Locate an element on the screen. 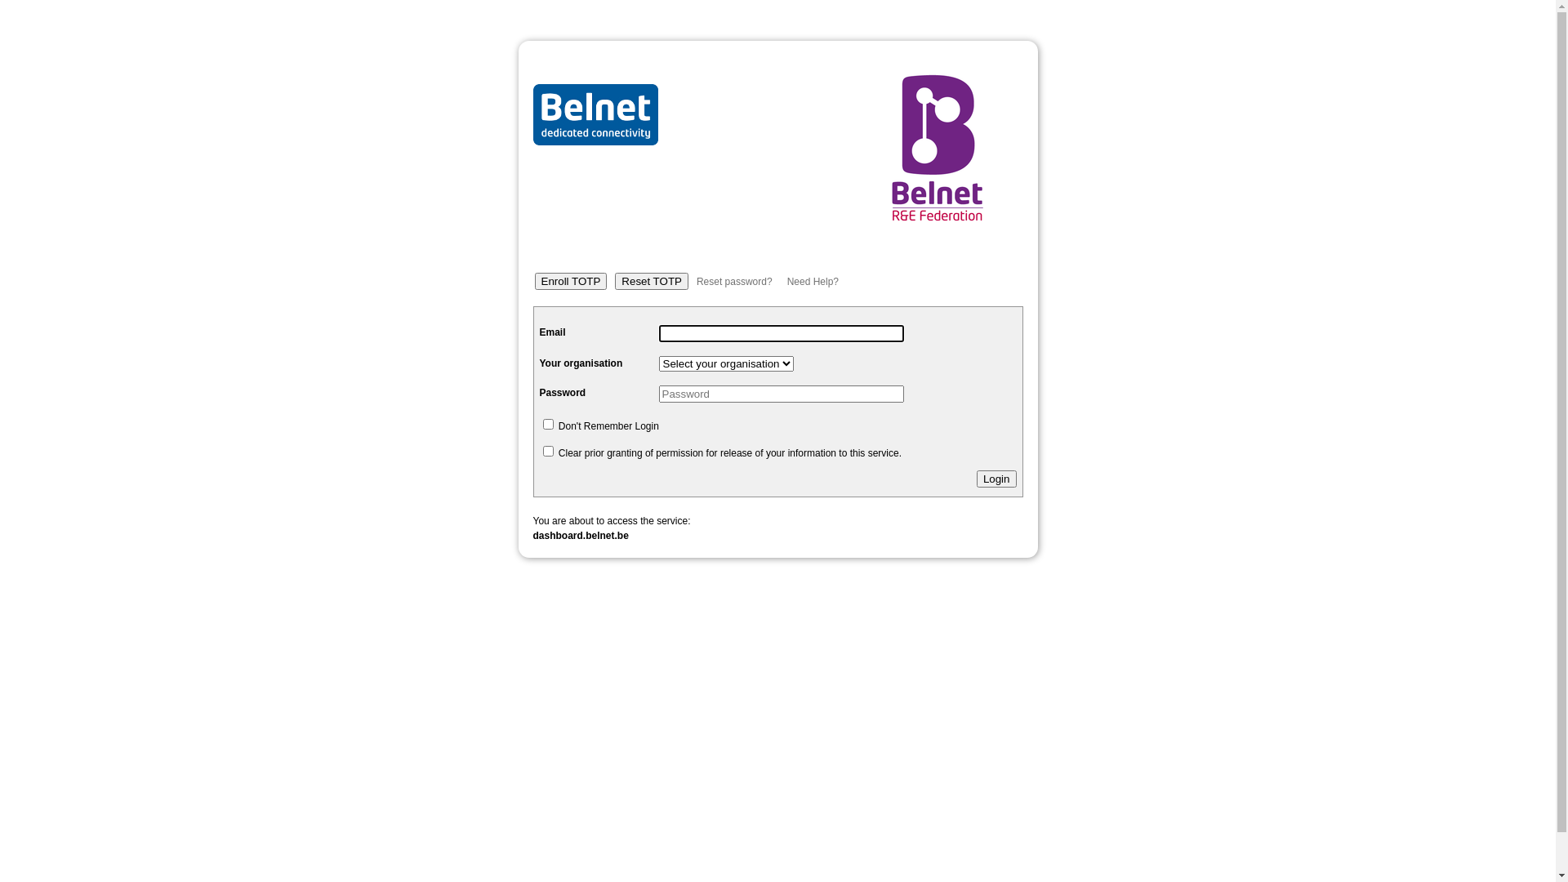 The height and width of the screenshot is (882, 1568). 'Login' is located at coordinates (996, 478).